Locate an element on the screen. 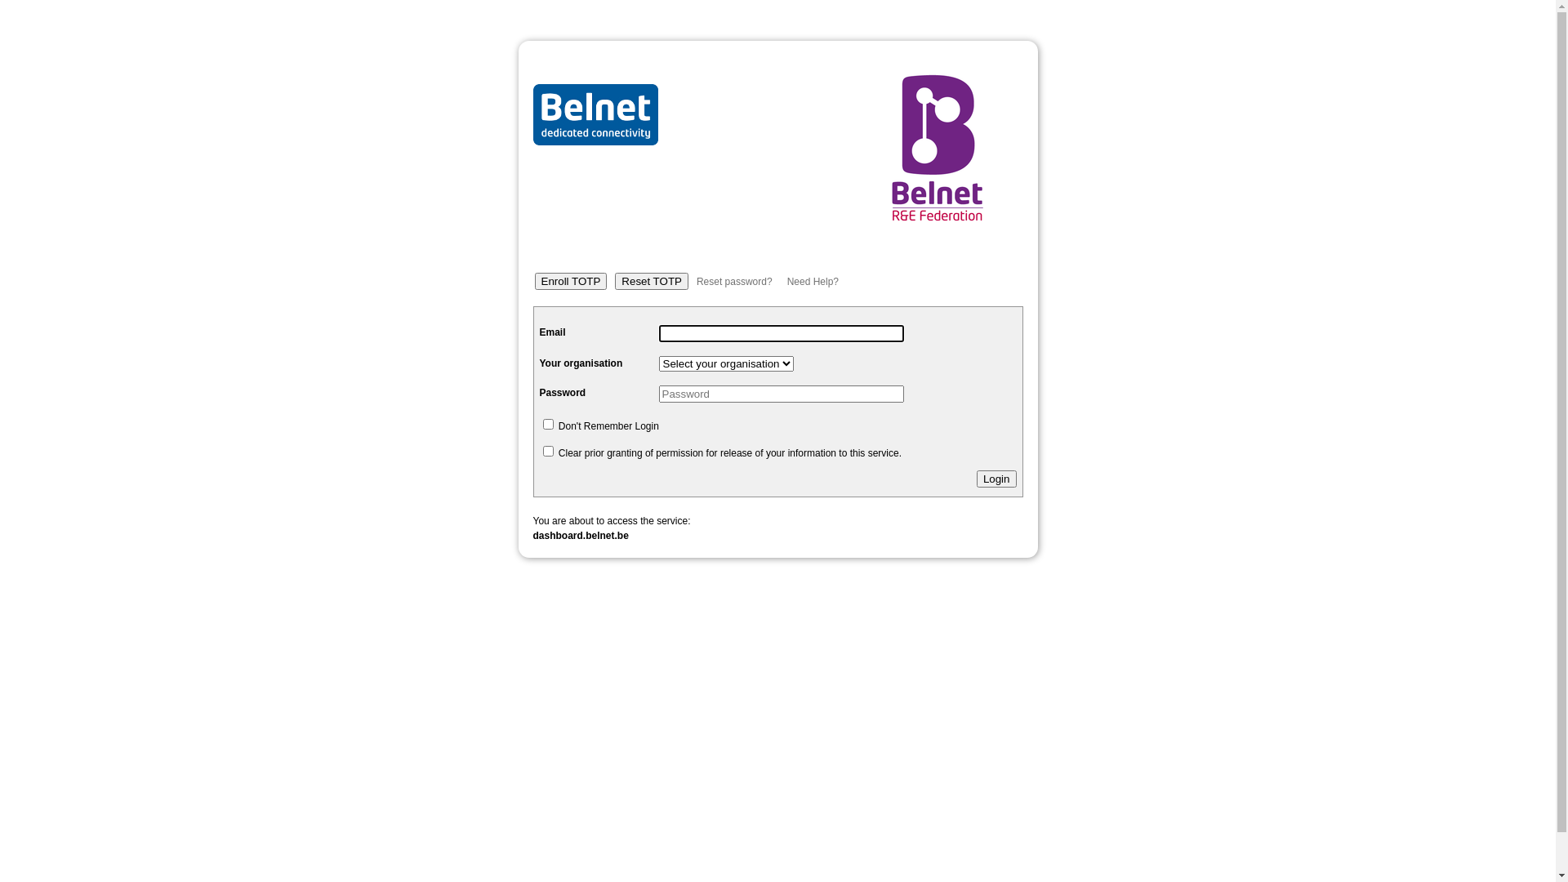 The height and width of the screenshot is (882, 1568). 'Login' is located at coordinates (996, 478).